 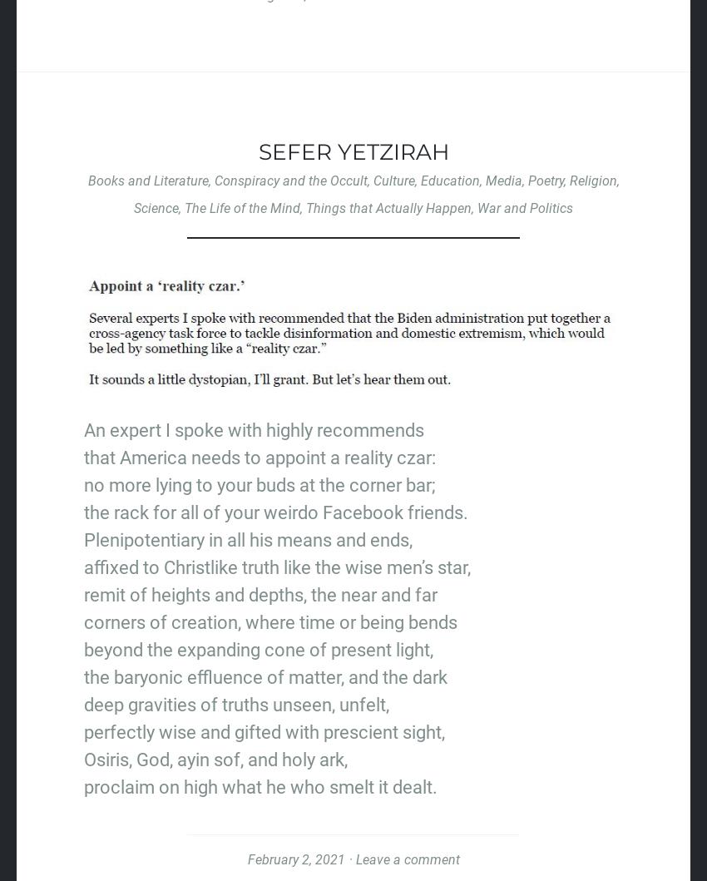 What do you see at coordinates (276, 511) in the screenshot?
I see `'the rack for all of your weirdo Facebook friends.'` at bounding box center [276, 511].